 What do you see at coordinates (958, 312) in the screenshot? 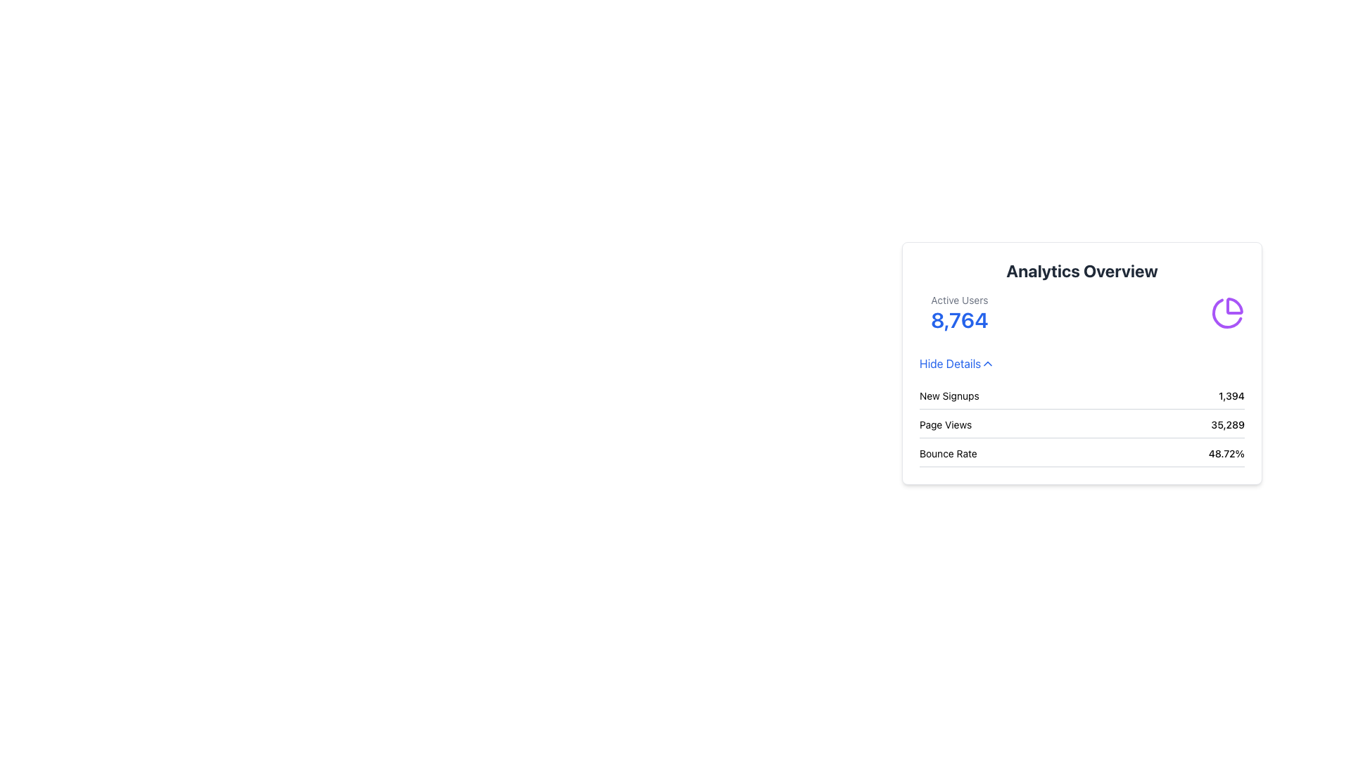
I see `the Statistical Label with Value that shows the current count of active users located in the Analytics Overview section, specifically the leftmost textual element adjacent to an icon` at bounding box center [958, 312].